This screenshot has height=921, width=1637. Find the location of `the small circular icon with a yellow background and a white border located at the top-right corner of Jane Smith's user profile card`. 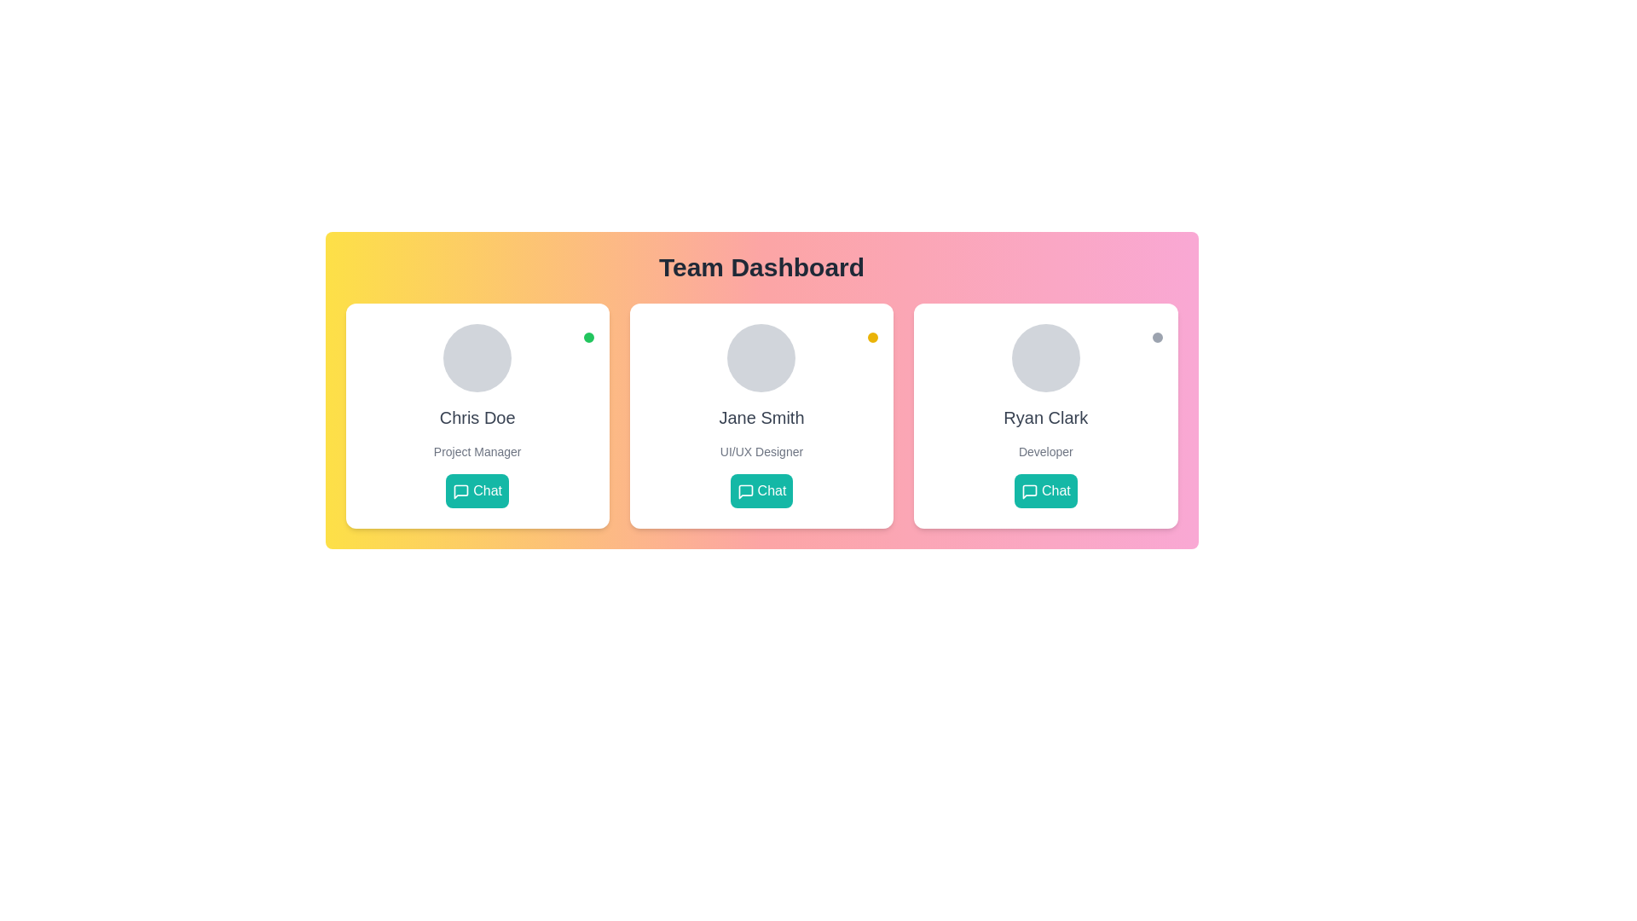

the small circular icon with a yellow background and a white border located at the top-right corner of Jane Smith's user profile card is located at coordinates (873, 338).